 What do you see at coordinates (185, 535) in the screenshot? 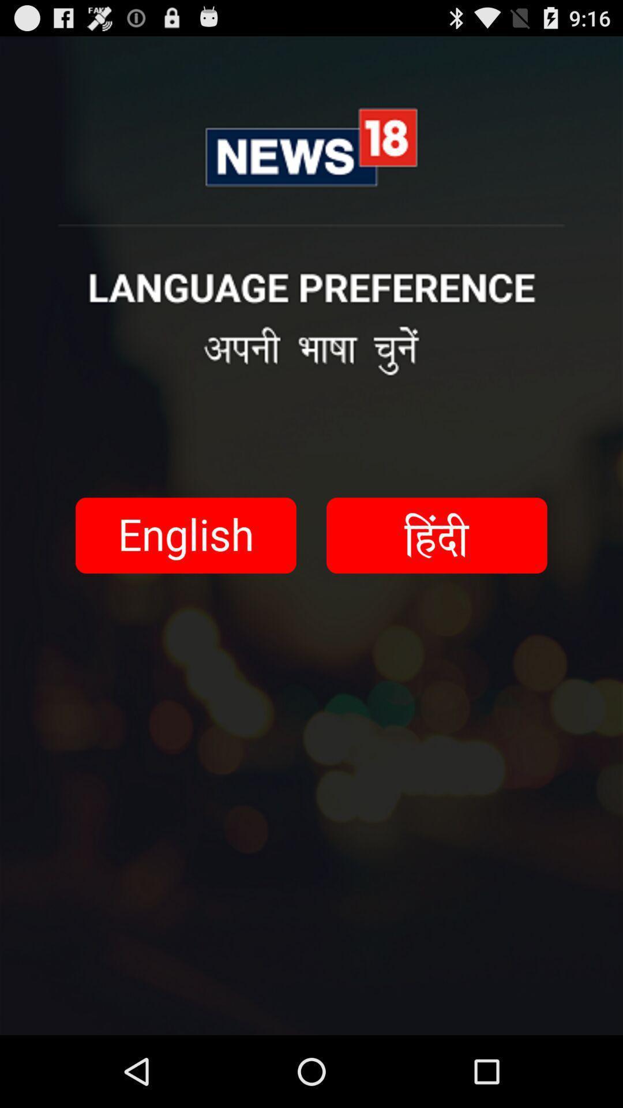
I see `language` at bounding box center [185, 535].